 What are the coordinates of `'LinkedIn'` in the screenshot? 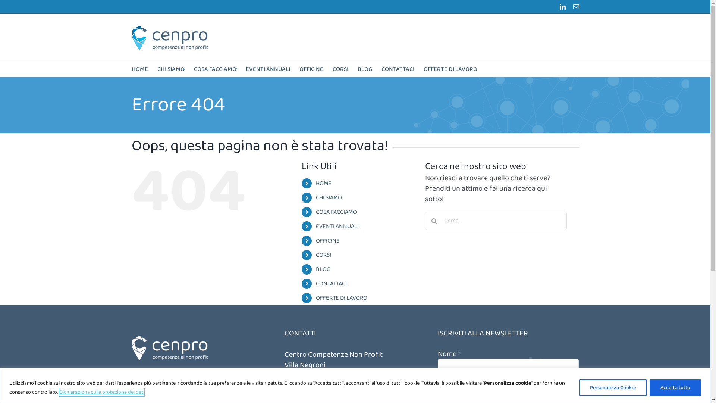 It's located at (559, 7).